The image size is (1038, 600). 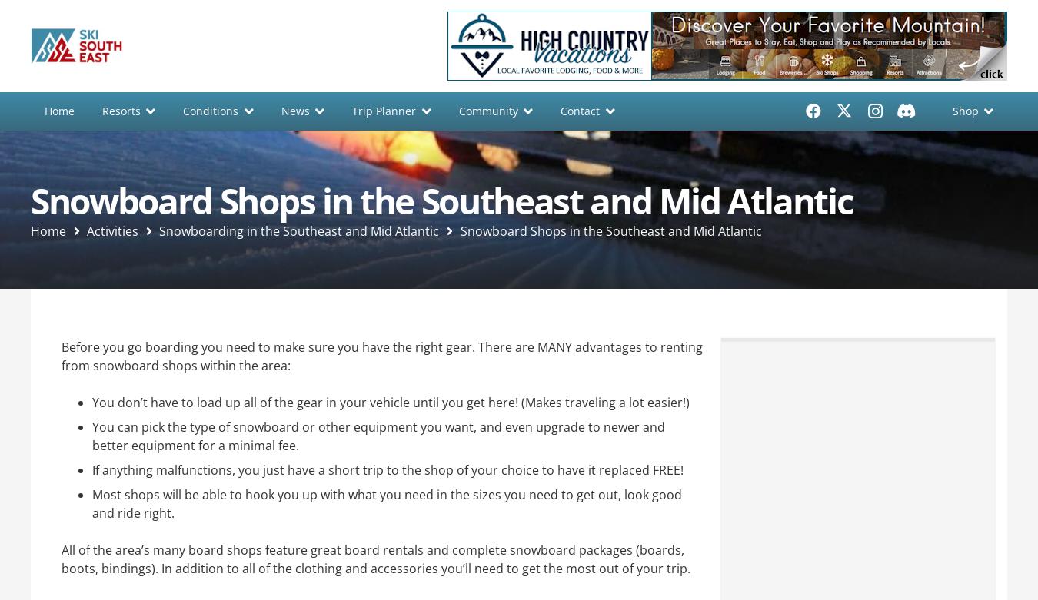 What do you see at coordinates (964, 110) in the screenshot?
I see `'Shop'` at bounding box center [964, 110].